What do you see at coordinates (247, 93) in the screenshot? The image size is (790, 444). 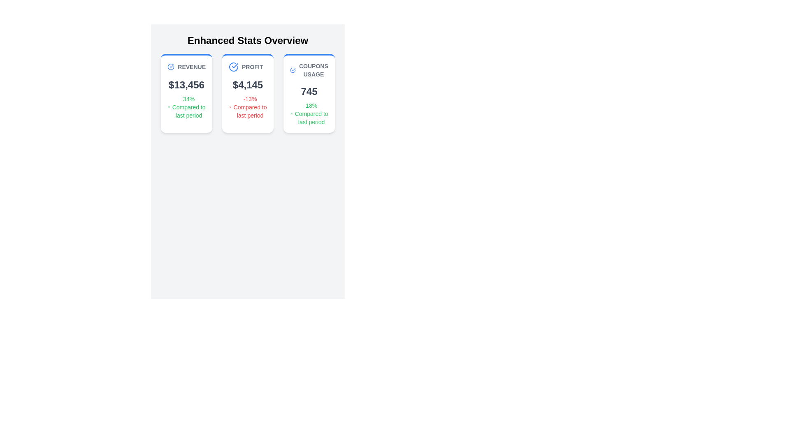 I see `the Information display card element featuring a bold numeric value ('$4,145') and a smaller red text ('-13% Compared to last period'), which is the second card in a horizontal grid of three cards` at bounding box center [247, 93].